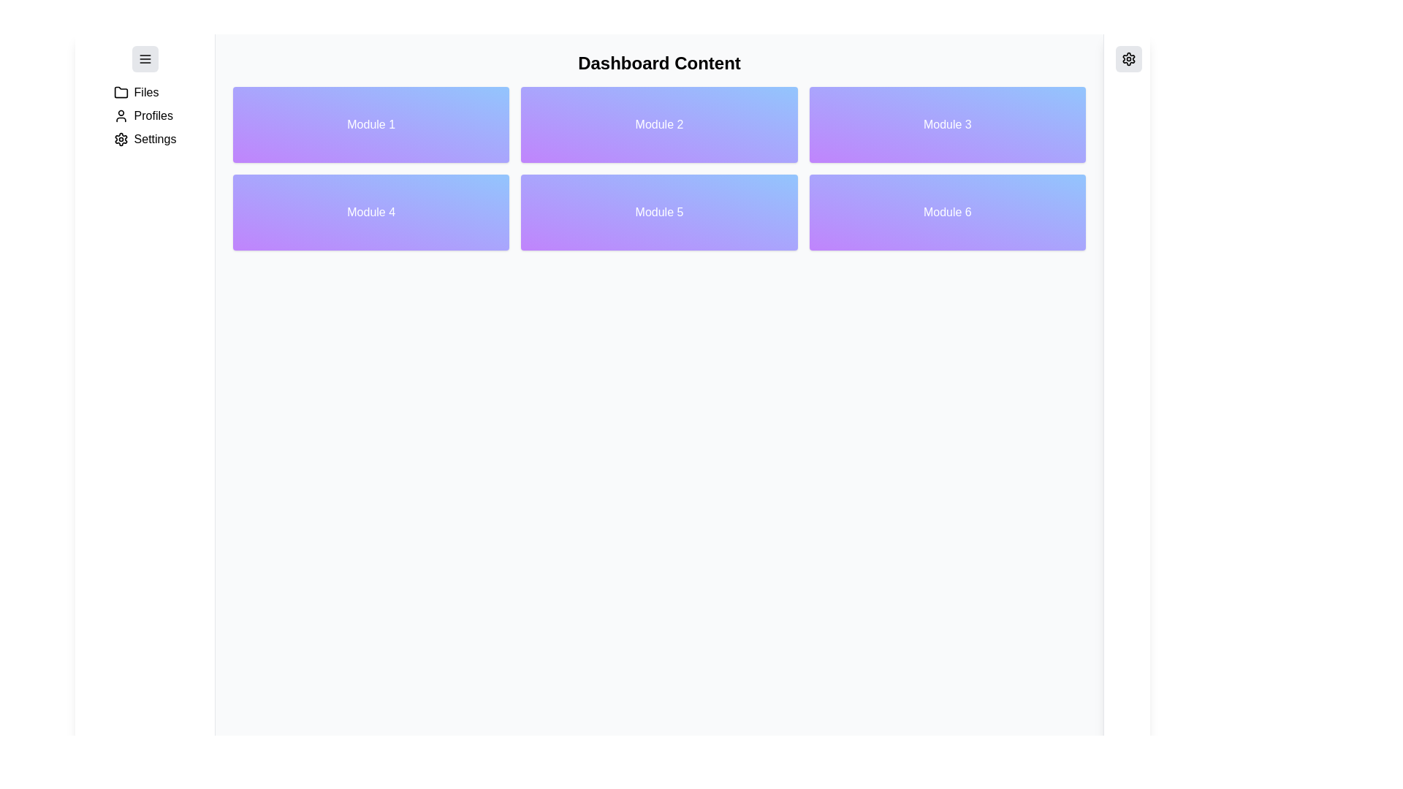 The width and height of the screenshot is (1403, 789). Describe the element at coordinates (658, 212) in the screenshot. I see `the rectangular button with rounded corners labeled 'Module 5' that has a gradient background from purple to blue` at that location.